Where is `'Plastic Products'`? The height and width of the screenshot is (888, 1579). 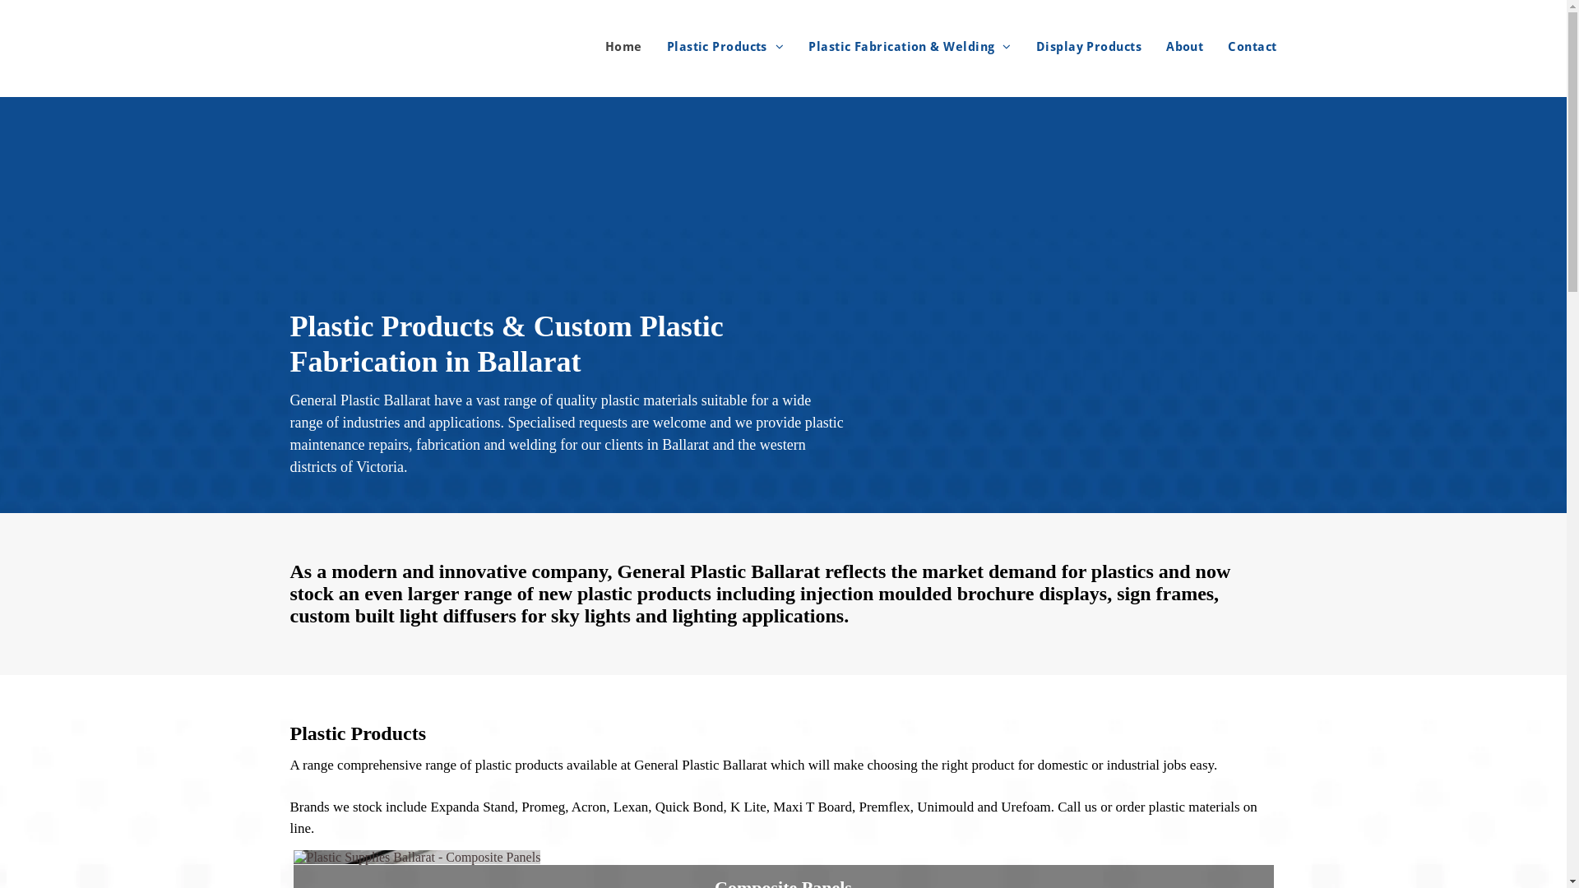 'Plastic Products' is located at coordinates (641, 46).